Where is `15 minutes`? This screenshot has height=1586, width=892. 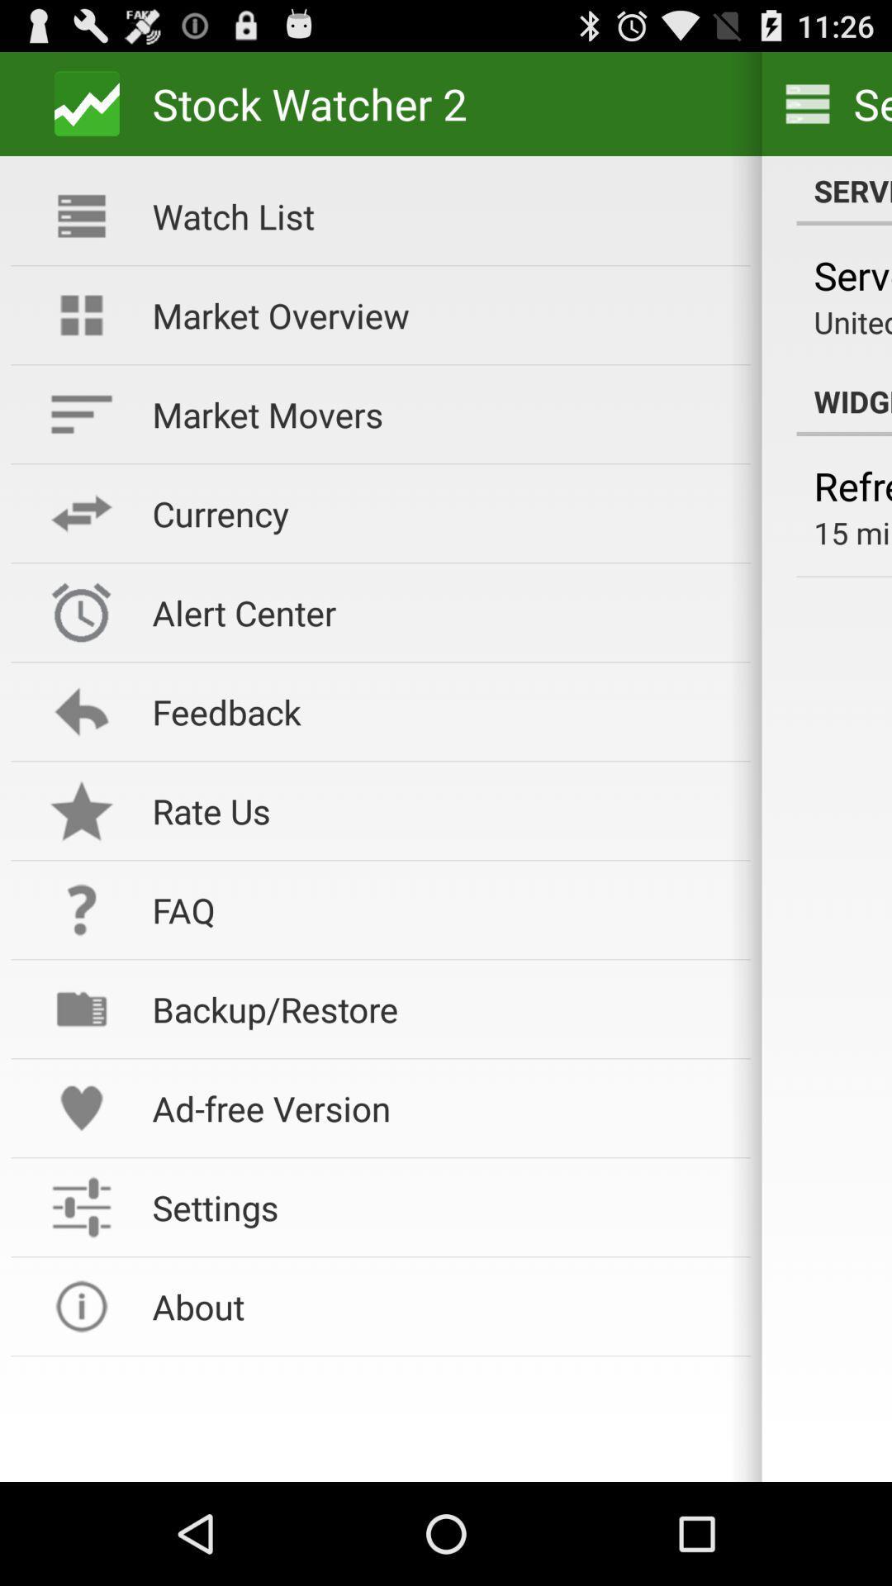 15 minutes is located at coordinates (852, 532).